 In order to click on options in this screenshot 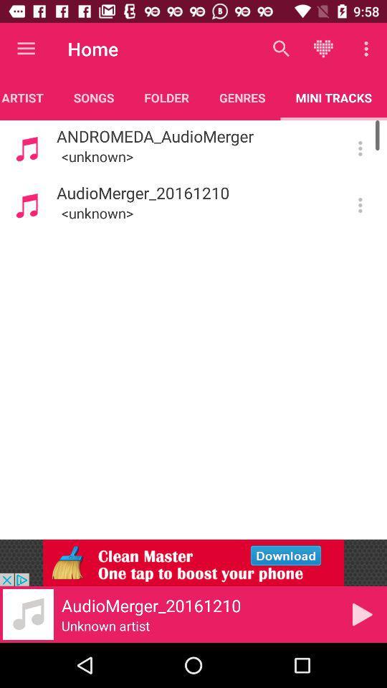, I will do `click(359, 148)`.